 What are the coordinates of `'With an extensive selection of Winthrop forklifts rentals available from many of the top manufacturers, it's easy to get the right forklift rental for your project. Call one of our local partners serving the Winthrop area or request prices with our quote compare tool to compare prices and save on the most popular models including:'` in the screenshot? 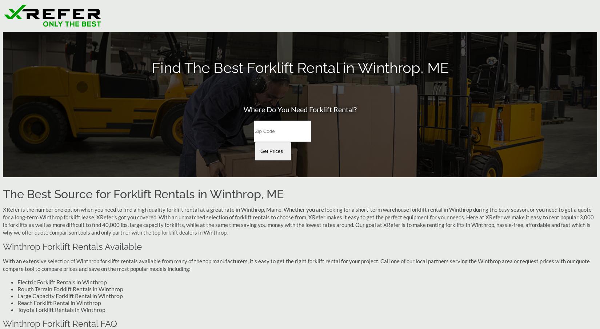 It's located at (296, 264).